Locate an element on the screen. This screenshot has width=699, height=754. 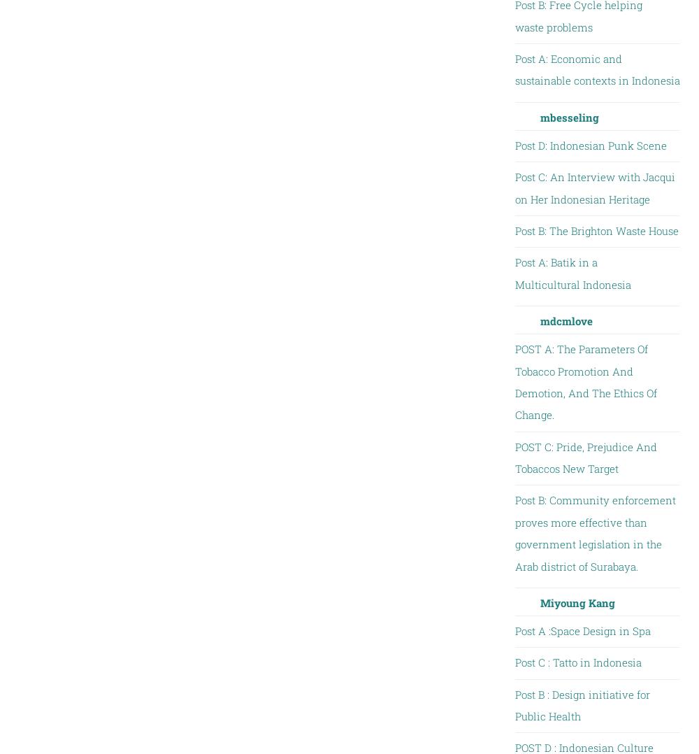
'Post C : Tatto in Indonesia' is located at coordinates (577, 662).